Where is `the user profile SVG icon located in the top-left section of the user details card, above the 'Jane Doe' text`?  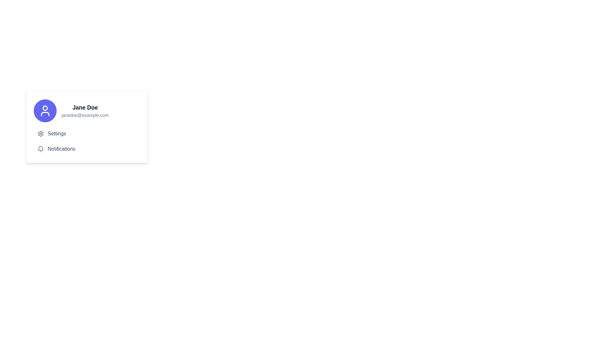 the user profile SVG icon located in the top-left section of the user details card, above the 'Jane Doe' text is located at coordinates (45, 110).